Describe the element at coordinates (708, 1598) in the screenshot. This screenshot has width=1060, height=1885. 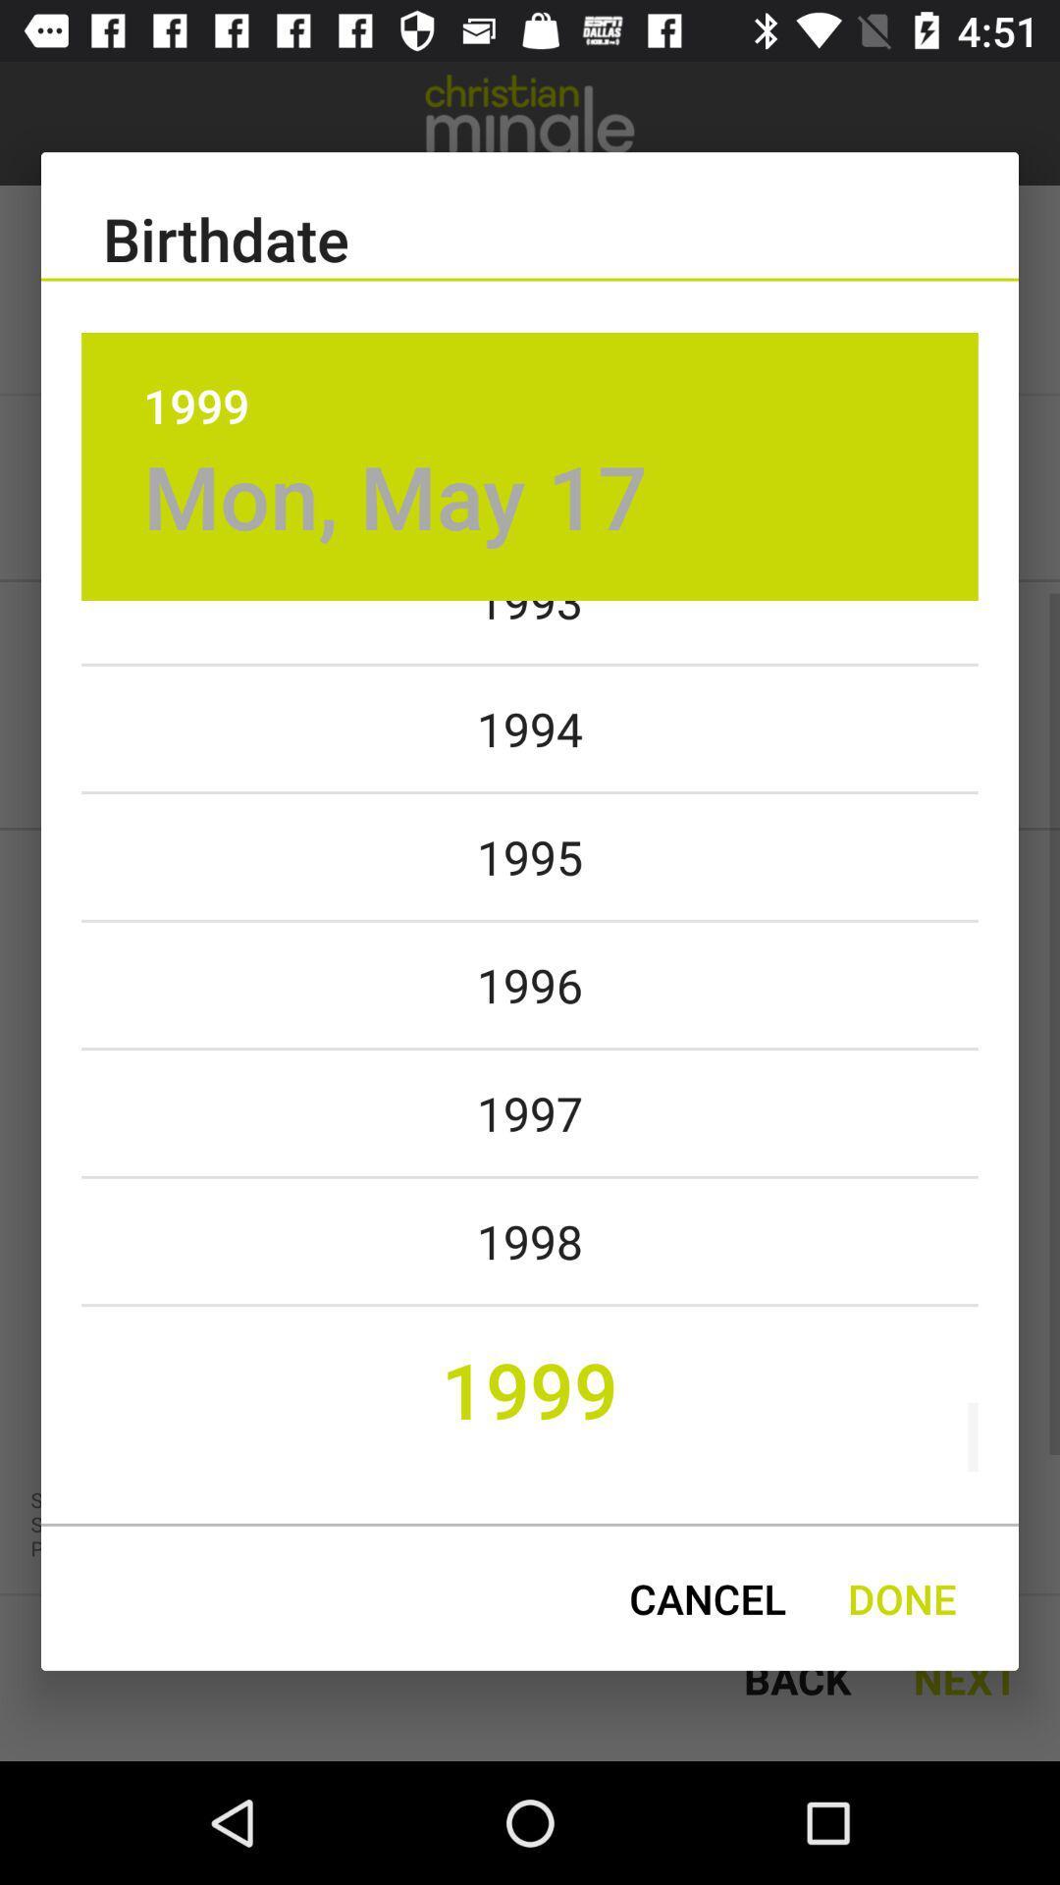
I see `the icon next to the done` at that location.